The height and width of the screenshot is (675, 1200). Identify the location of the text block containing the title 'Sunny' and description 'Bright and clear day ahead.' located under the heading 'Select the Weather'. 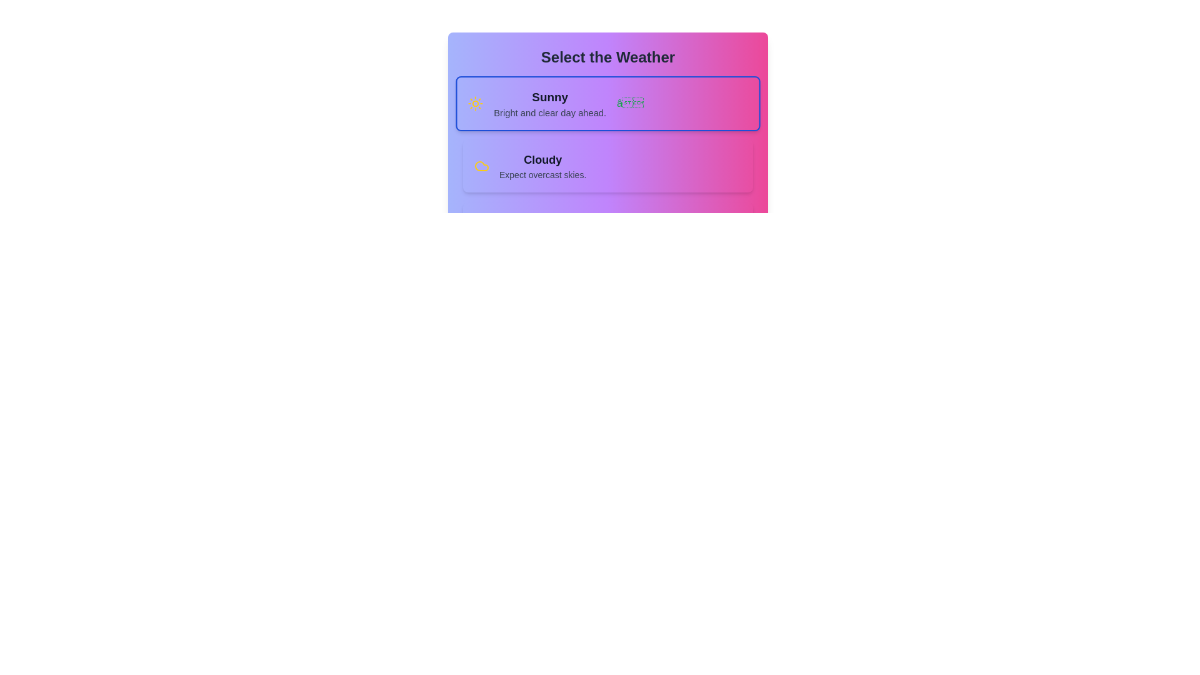
(550, 102).